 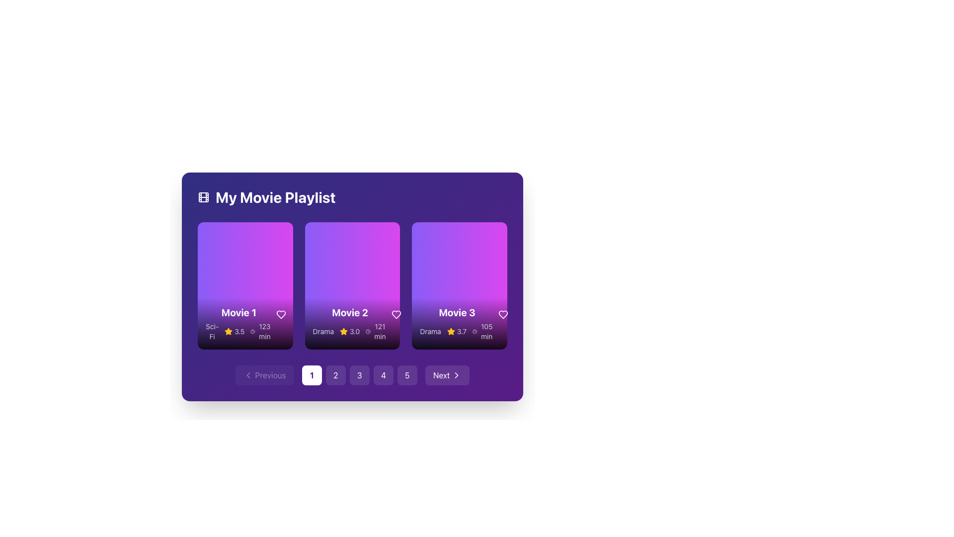 I want to click on the informational label displaying the genre 'Sci-Fi', rating '3.5', and duration '123 min' under the 'Movie 1' title in the first movie card, so click(x=238, y=332).